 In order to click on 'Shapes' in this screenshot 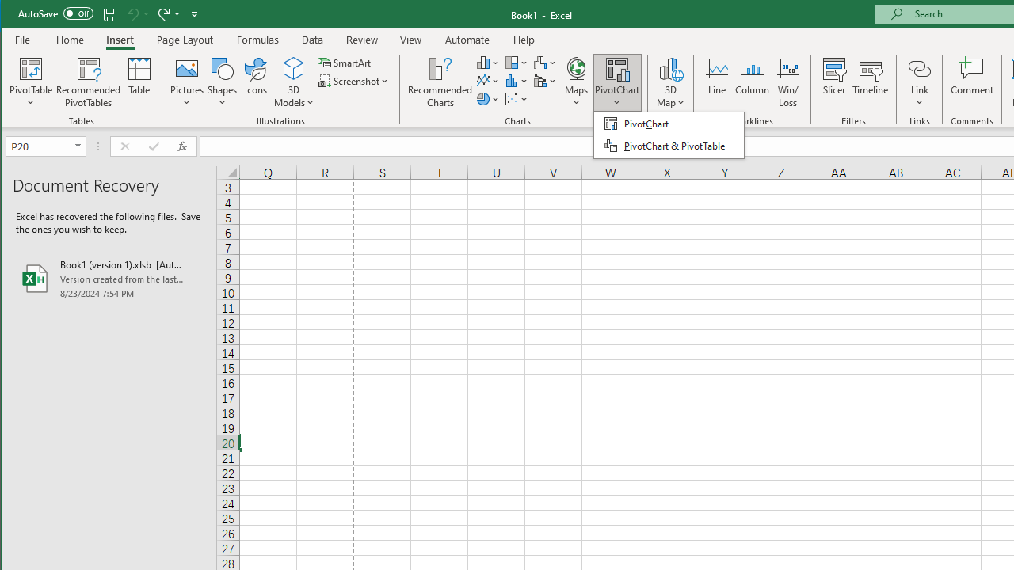, I will do `click(221, 82)`.